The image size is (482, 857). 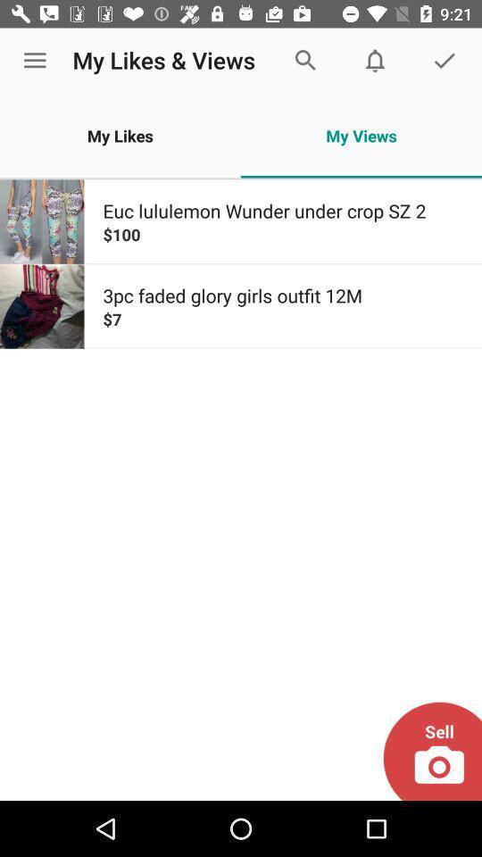 What do you see at coordinates (431, 750) in the screenshot?
I see `sell` at bounding box center [431, 750].